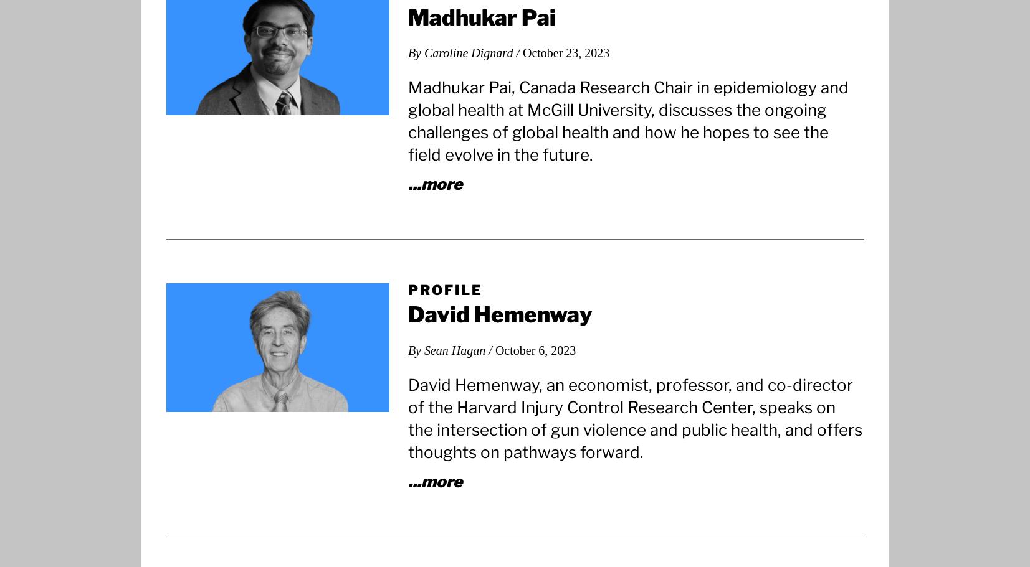 The height and width of the screenshot is (567, 1030). Describe the element at coordinates (535, 349) in the screenshot. I see `'October 6, 2023'` at that location.